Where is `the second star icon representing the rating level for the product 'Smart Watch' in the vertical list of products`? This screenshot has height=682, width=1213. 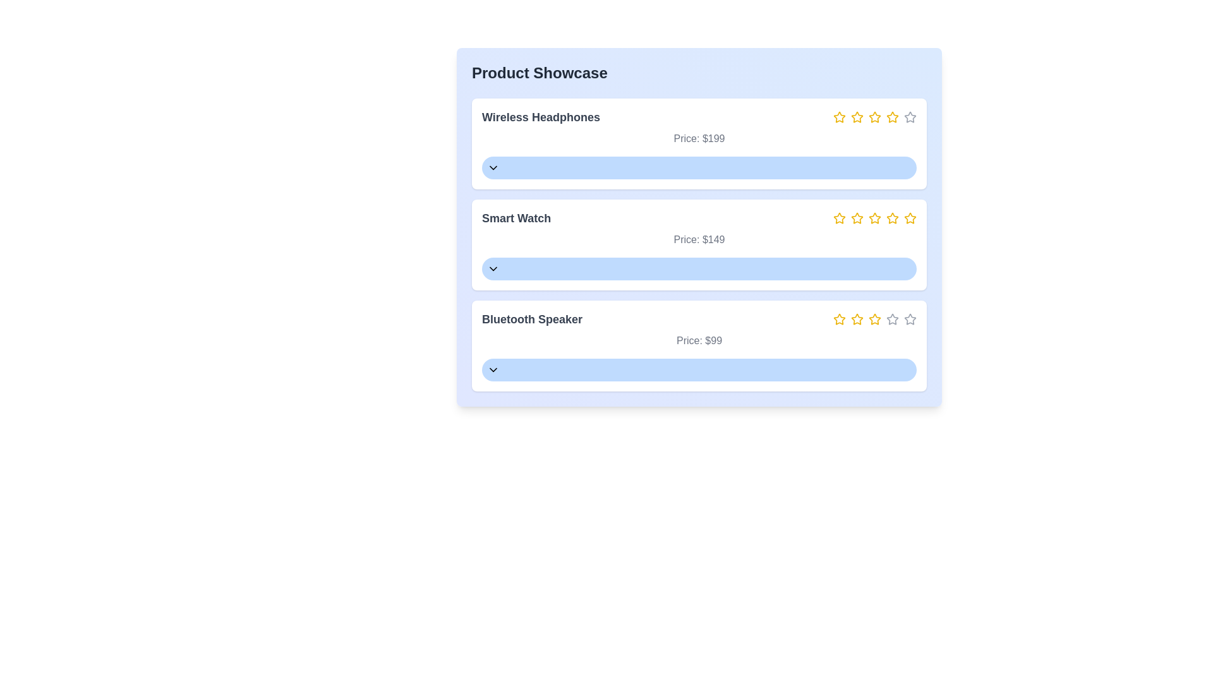
the second star icon representing the rating level for the product 'Smart Watch' in the vertical list of products is located at coordinates (857, 218).